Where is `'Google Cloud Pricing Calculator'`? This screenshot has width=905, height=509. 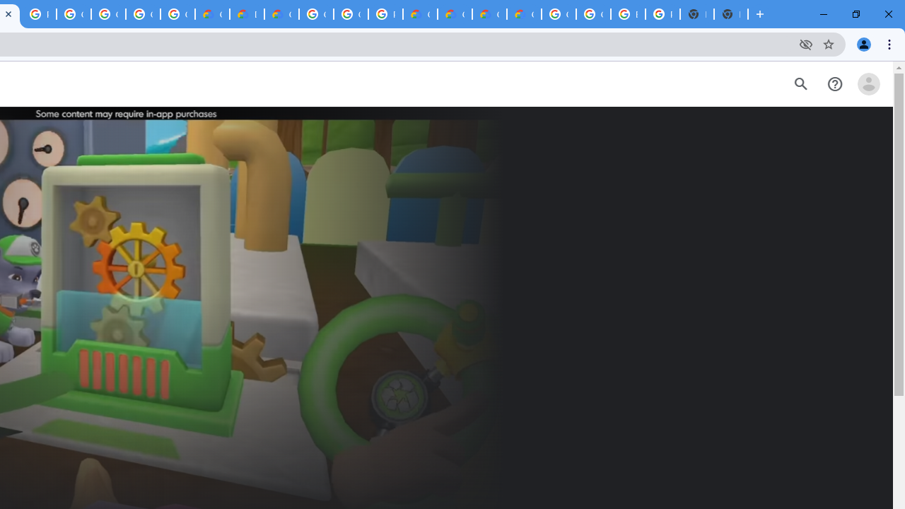
'Google Cloud Pricing Calculator' is located at coordinates (489, 14).